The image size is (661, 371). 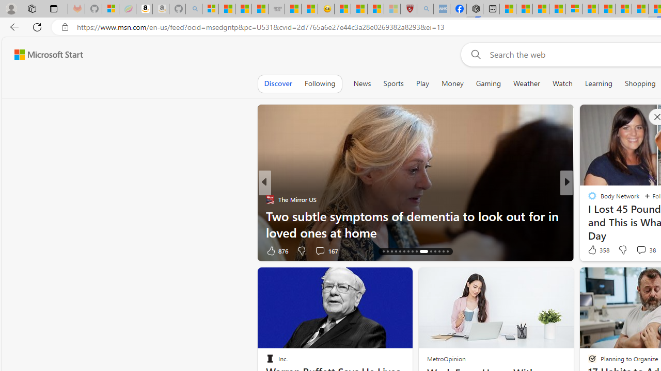 I want to click on 'AutomationID: tab-30', so click(x=447, y=251).